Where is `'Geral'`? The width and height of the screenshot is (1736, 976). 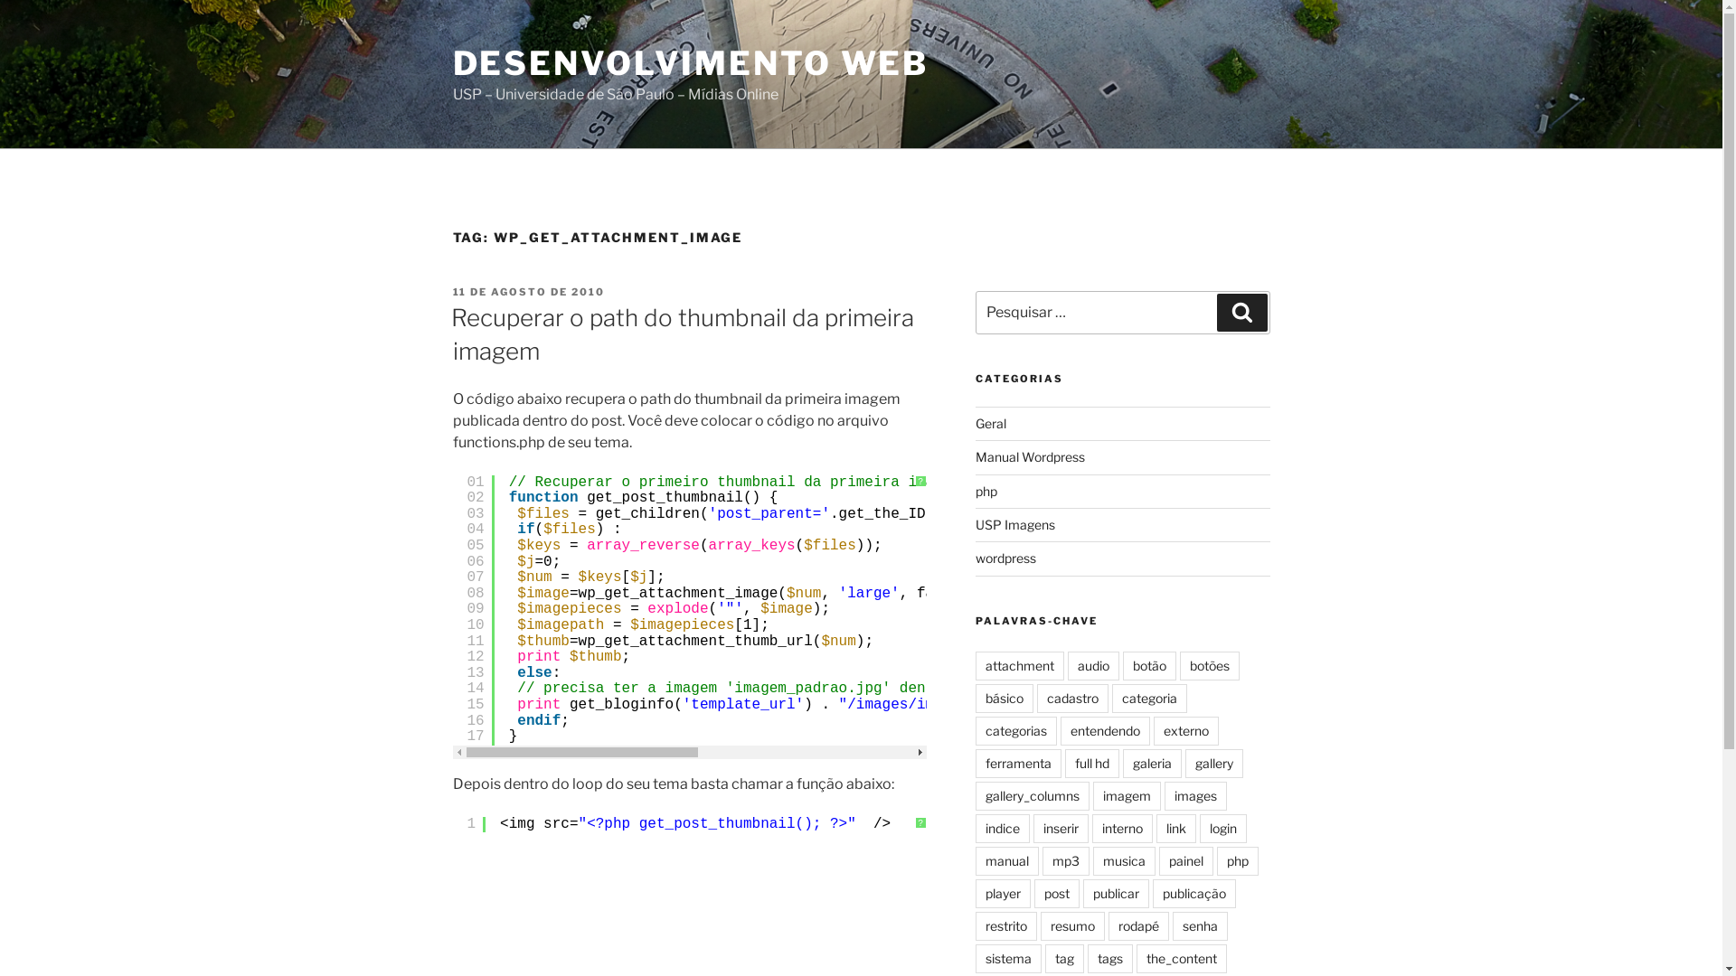
'Geral' is located at coordinates (989, 423).